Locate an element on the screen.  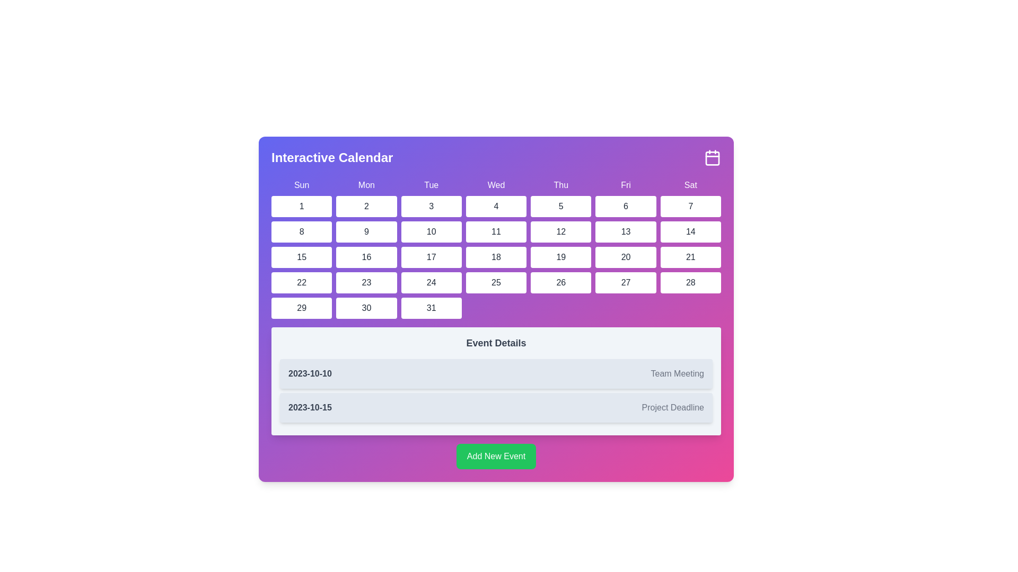
the static text label indicating the name of the event associated with the date label '2023-10-10', located in the top right corner of the 'Event Details' section is located at coordinates (677, 373).